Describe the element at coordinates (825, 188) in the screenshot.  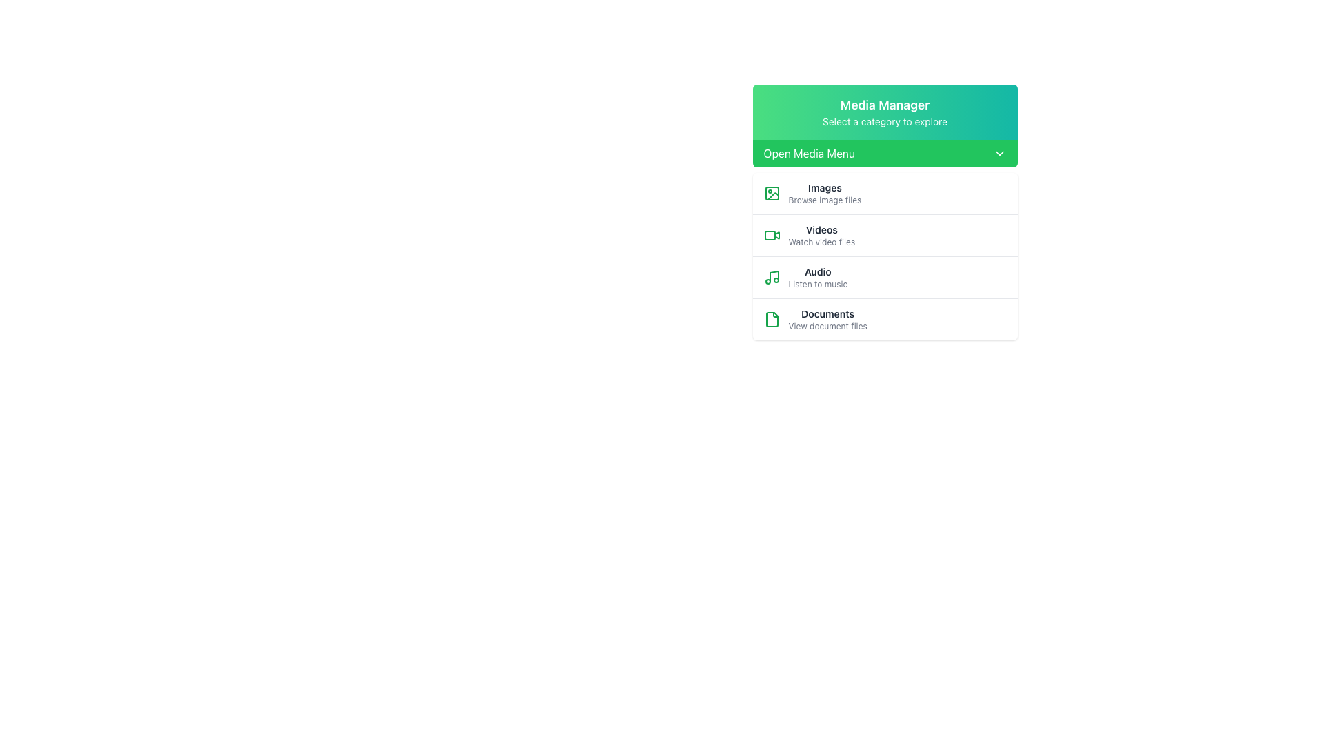
I see `the bold text label stating 'Images' located in the top-left corner of a section within a vertical list, which is the first item in a sequence of labeled blocks` at that location.